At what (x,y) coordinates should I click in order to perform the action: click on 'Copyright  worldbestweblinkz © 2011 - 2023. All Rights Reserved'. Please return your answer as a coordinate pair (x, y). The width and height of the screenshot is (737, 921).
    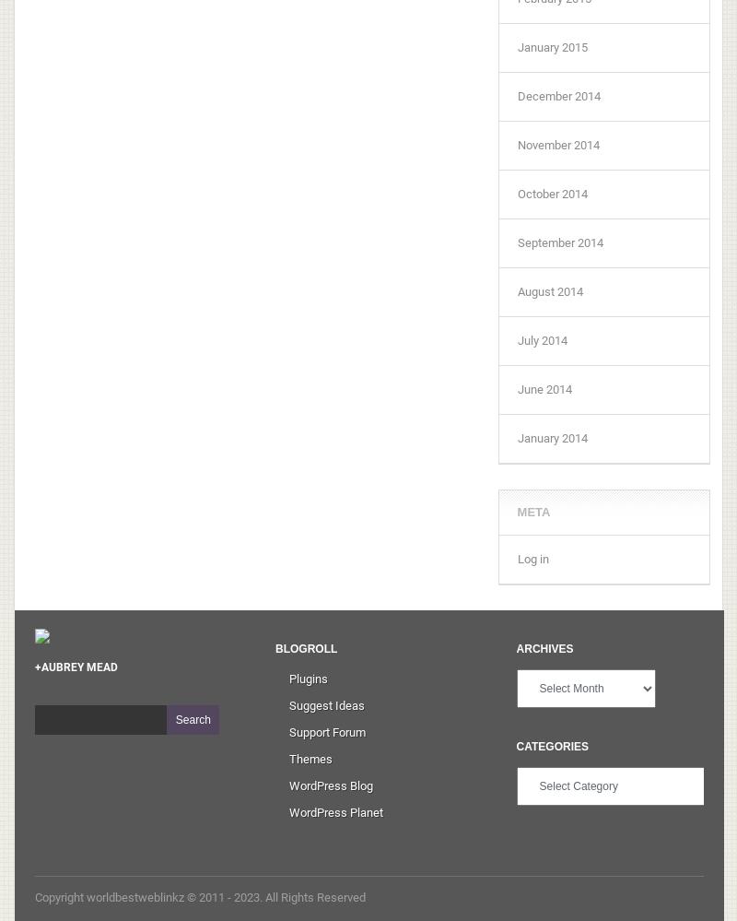
    Looking at the image, I should click on (199, 895).